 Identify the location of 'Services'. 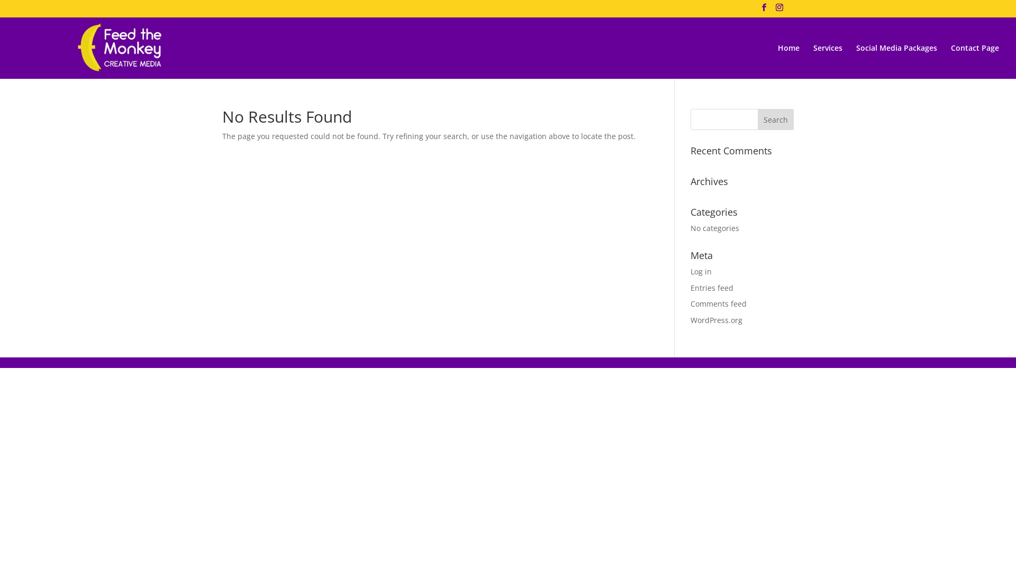
(812, 61).